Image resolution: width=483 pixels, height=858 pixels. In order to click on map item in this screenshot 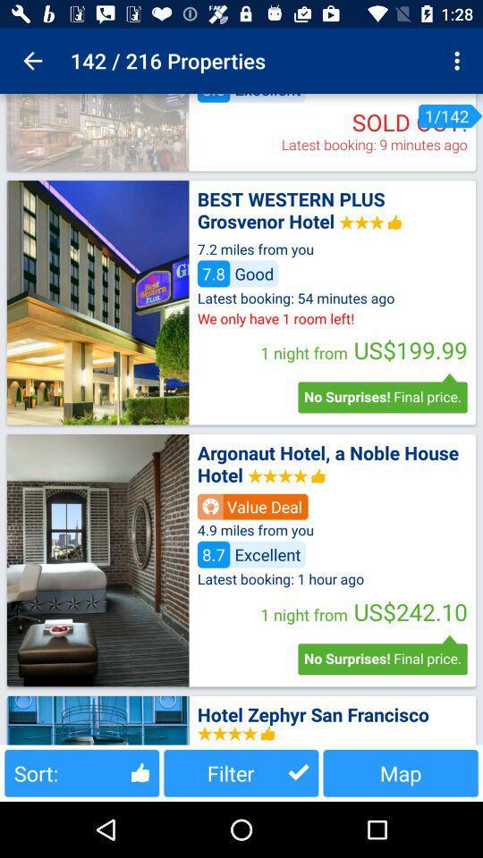, I will do `click(401, 772)`.